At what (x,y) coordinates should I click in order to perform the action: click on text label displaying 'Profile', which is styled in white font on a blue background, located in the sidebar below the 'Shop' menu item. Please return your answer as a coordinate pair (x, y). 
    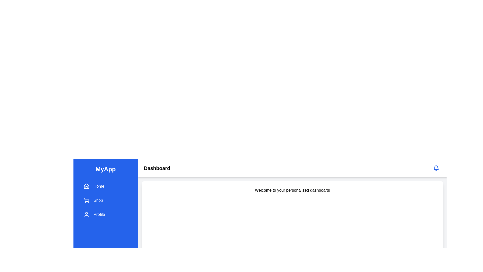
    Looking at the image, I should click on (99, 215).